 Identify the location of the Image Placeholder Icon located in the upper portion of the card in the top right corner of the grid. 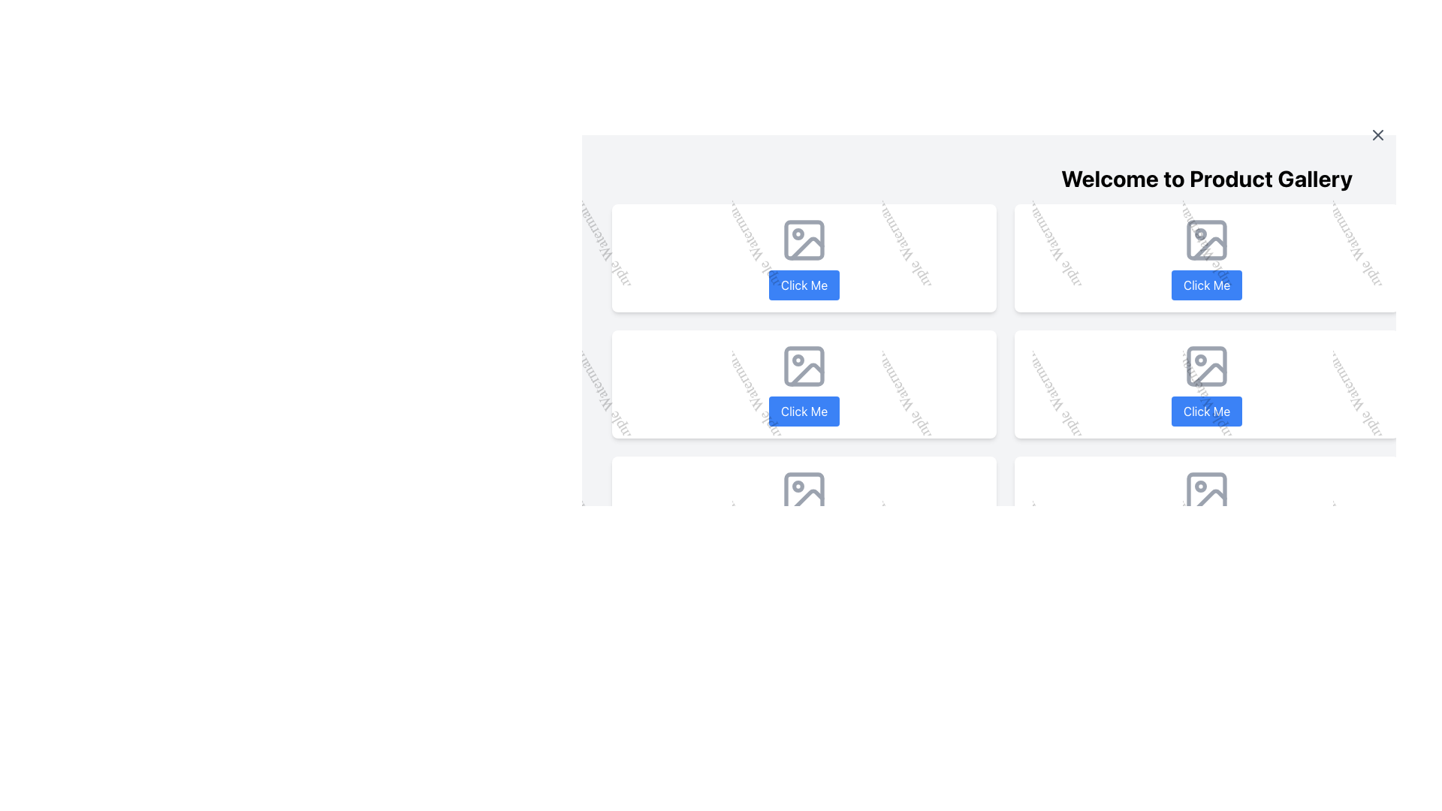
(1207, 240).